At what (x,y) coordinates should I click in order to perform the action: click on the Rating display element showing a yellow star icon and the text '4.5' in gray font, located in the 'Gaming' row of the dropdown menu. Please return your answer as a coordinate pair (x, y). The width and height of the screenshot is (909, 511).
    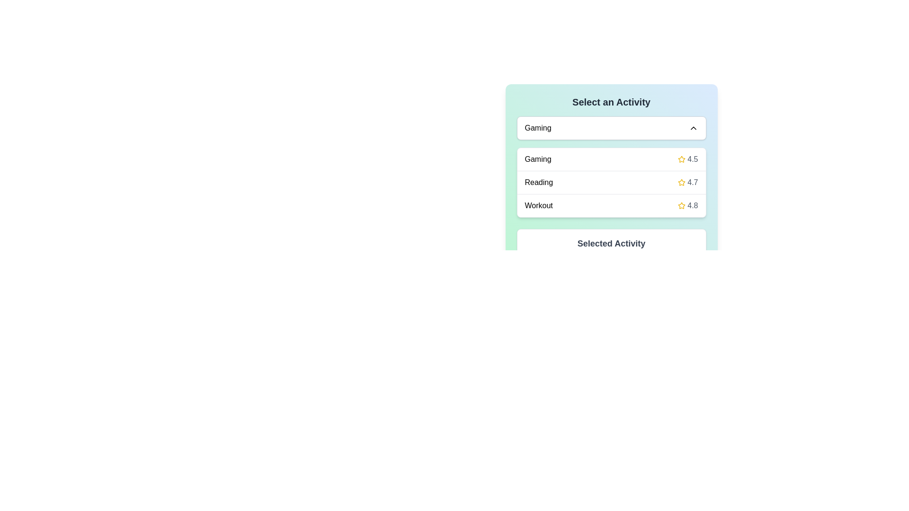
    Looking at the image, I should click on (688, 159).